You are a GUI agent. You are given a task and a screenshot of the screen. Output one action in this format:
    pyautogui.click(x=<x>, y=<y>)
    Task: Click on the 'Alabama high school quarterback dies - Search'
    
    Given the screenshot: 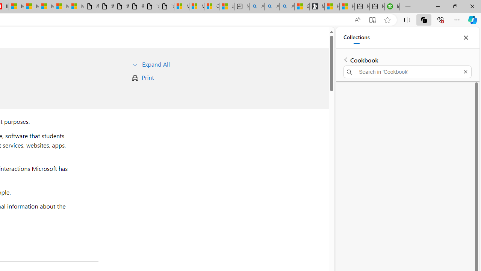 What is the action you would take?
    pyautogui.click(x=257, y=6)
    